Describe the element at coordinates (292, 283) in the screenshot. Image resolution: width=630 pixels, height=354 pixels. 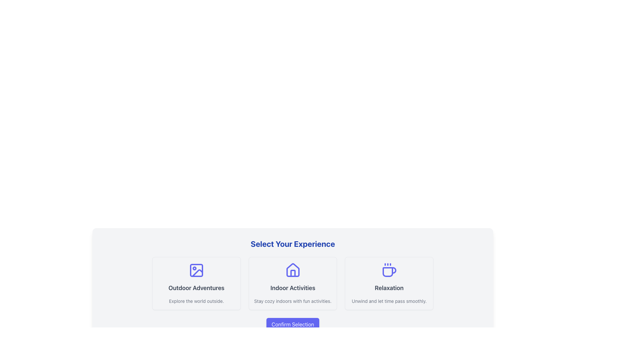
I see `the 'Indoor Activities' selection card` at that location.